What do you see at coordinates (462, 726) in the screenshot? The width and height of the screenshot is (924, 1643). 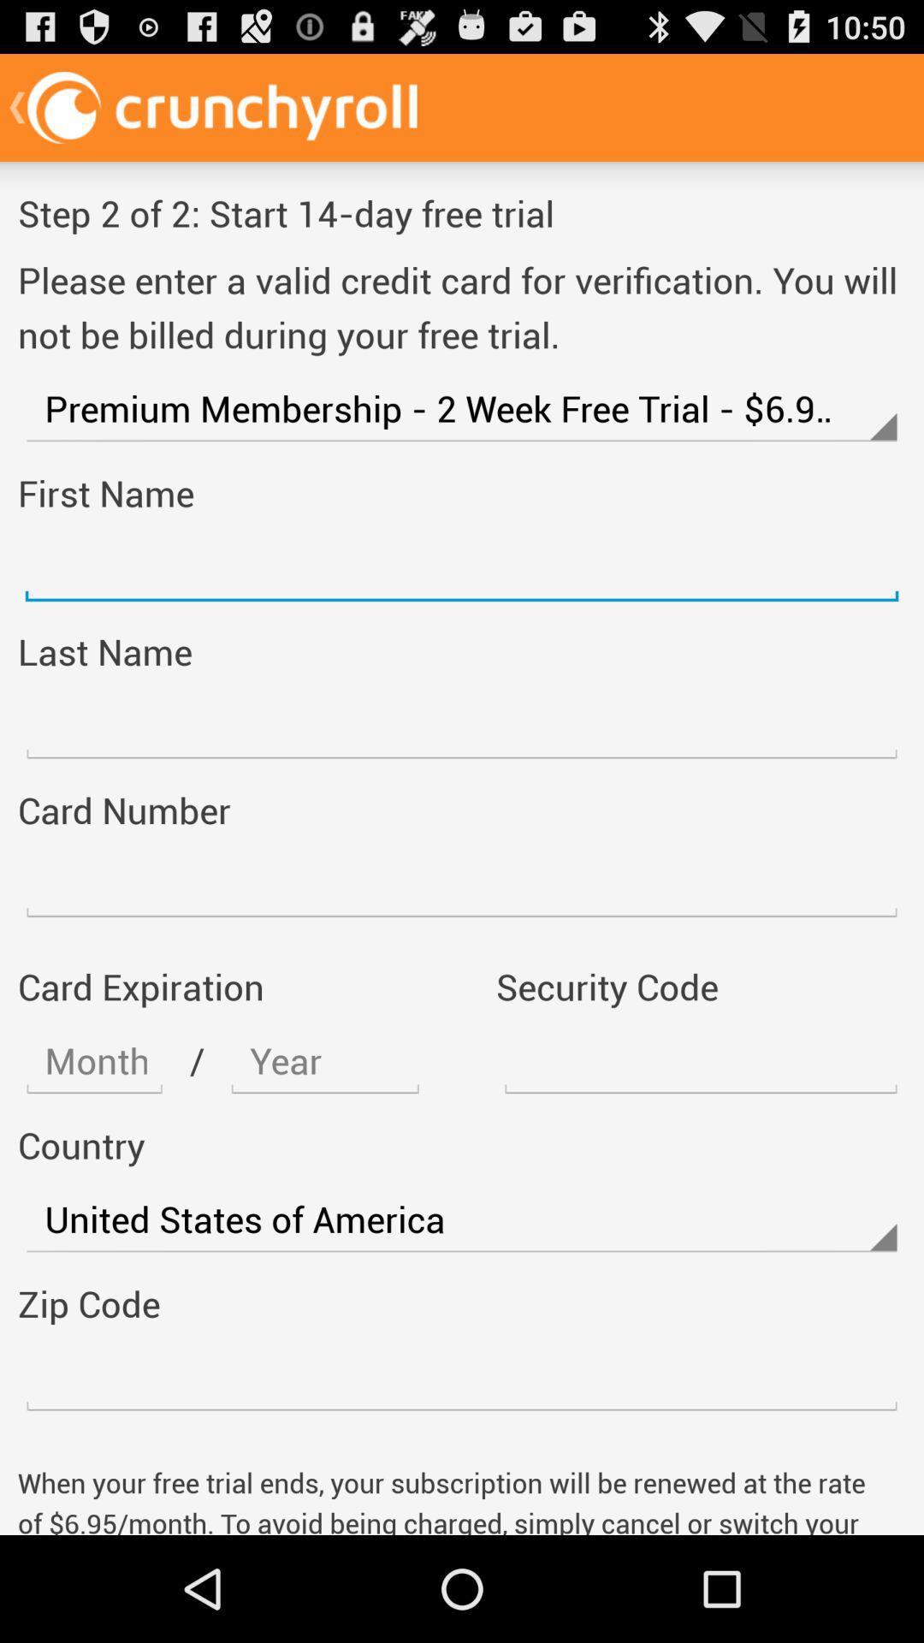 I see `new page` at bounding box center [462, 726].